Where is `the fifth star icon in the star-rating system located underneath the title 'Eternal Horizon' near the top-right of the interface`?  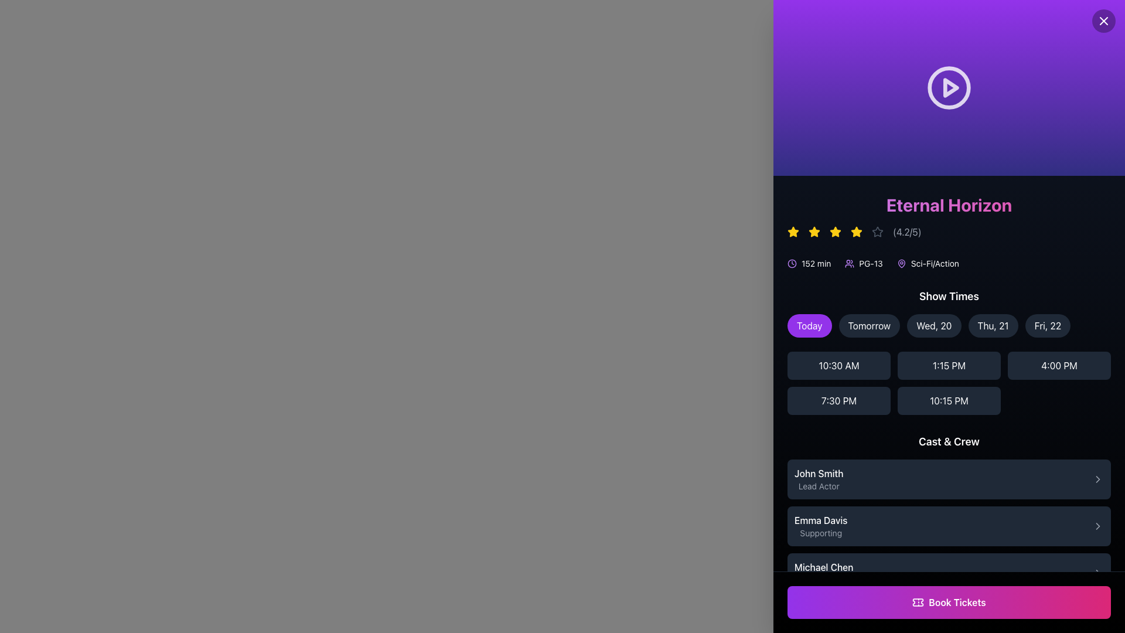 the fifth star icon in the star-rating system located underneath the title 'Eternal Horizon' near the top-right of the interface is located at coordinates (877, 232).